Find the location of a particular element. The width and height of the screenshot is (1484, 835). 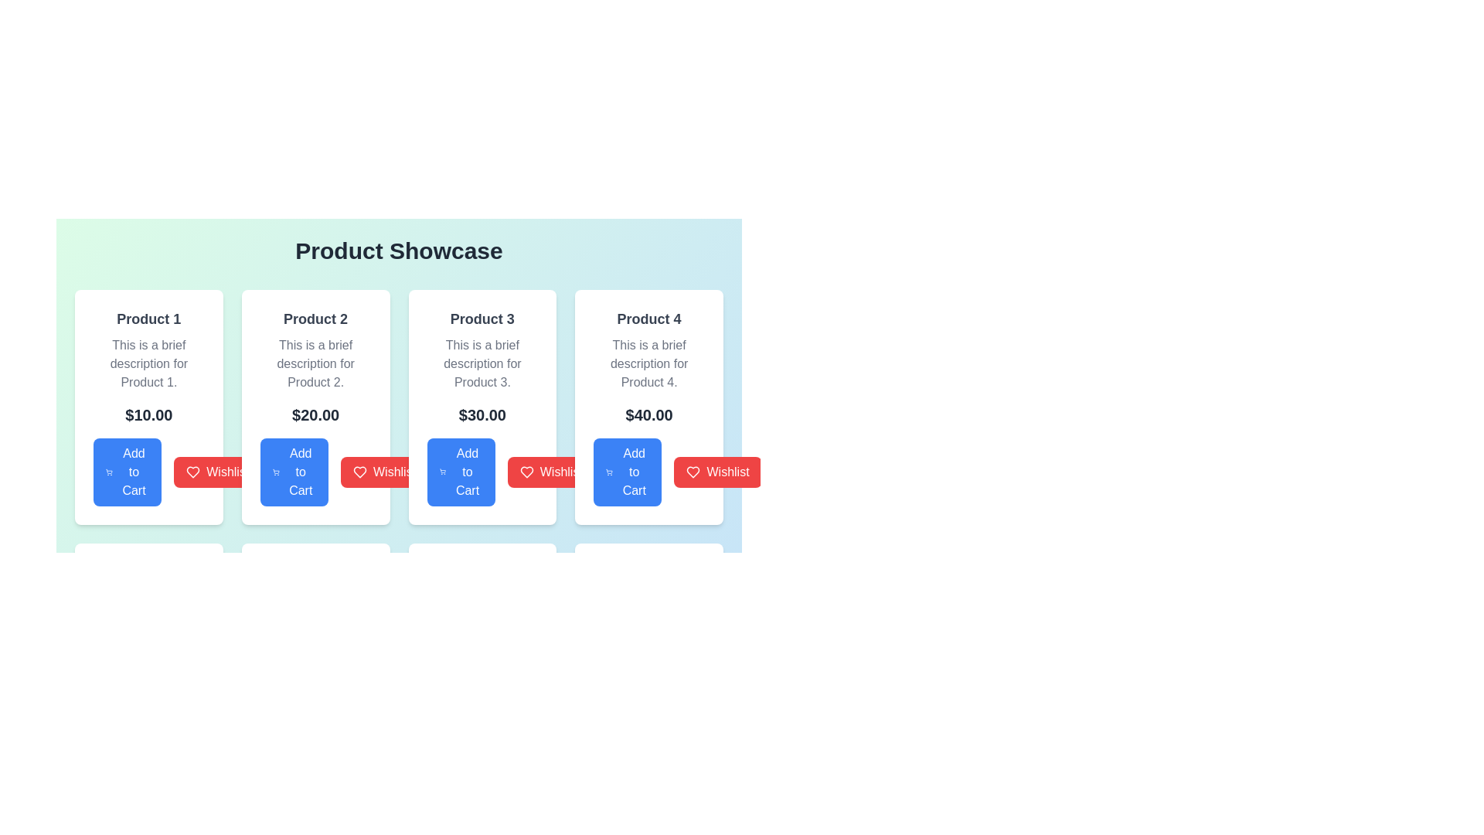

the text block styled with a gray font color that contains 'This is a brief description for Product 1.' which is located below the header 'Product 1' is located at coordinates (148, 363).